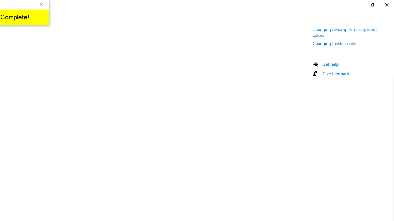 The image size is (394, 221). What do you see at coordinates (330, 64) in the screenshot?
I see `'Get help'` at bounding box center [330, 64].